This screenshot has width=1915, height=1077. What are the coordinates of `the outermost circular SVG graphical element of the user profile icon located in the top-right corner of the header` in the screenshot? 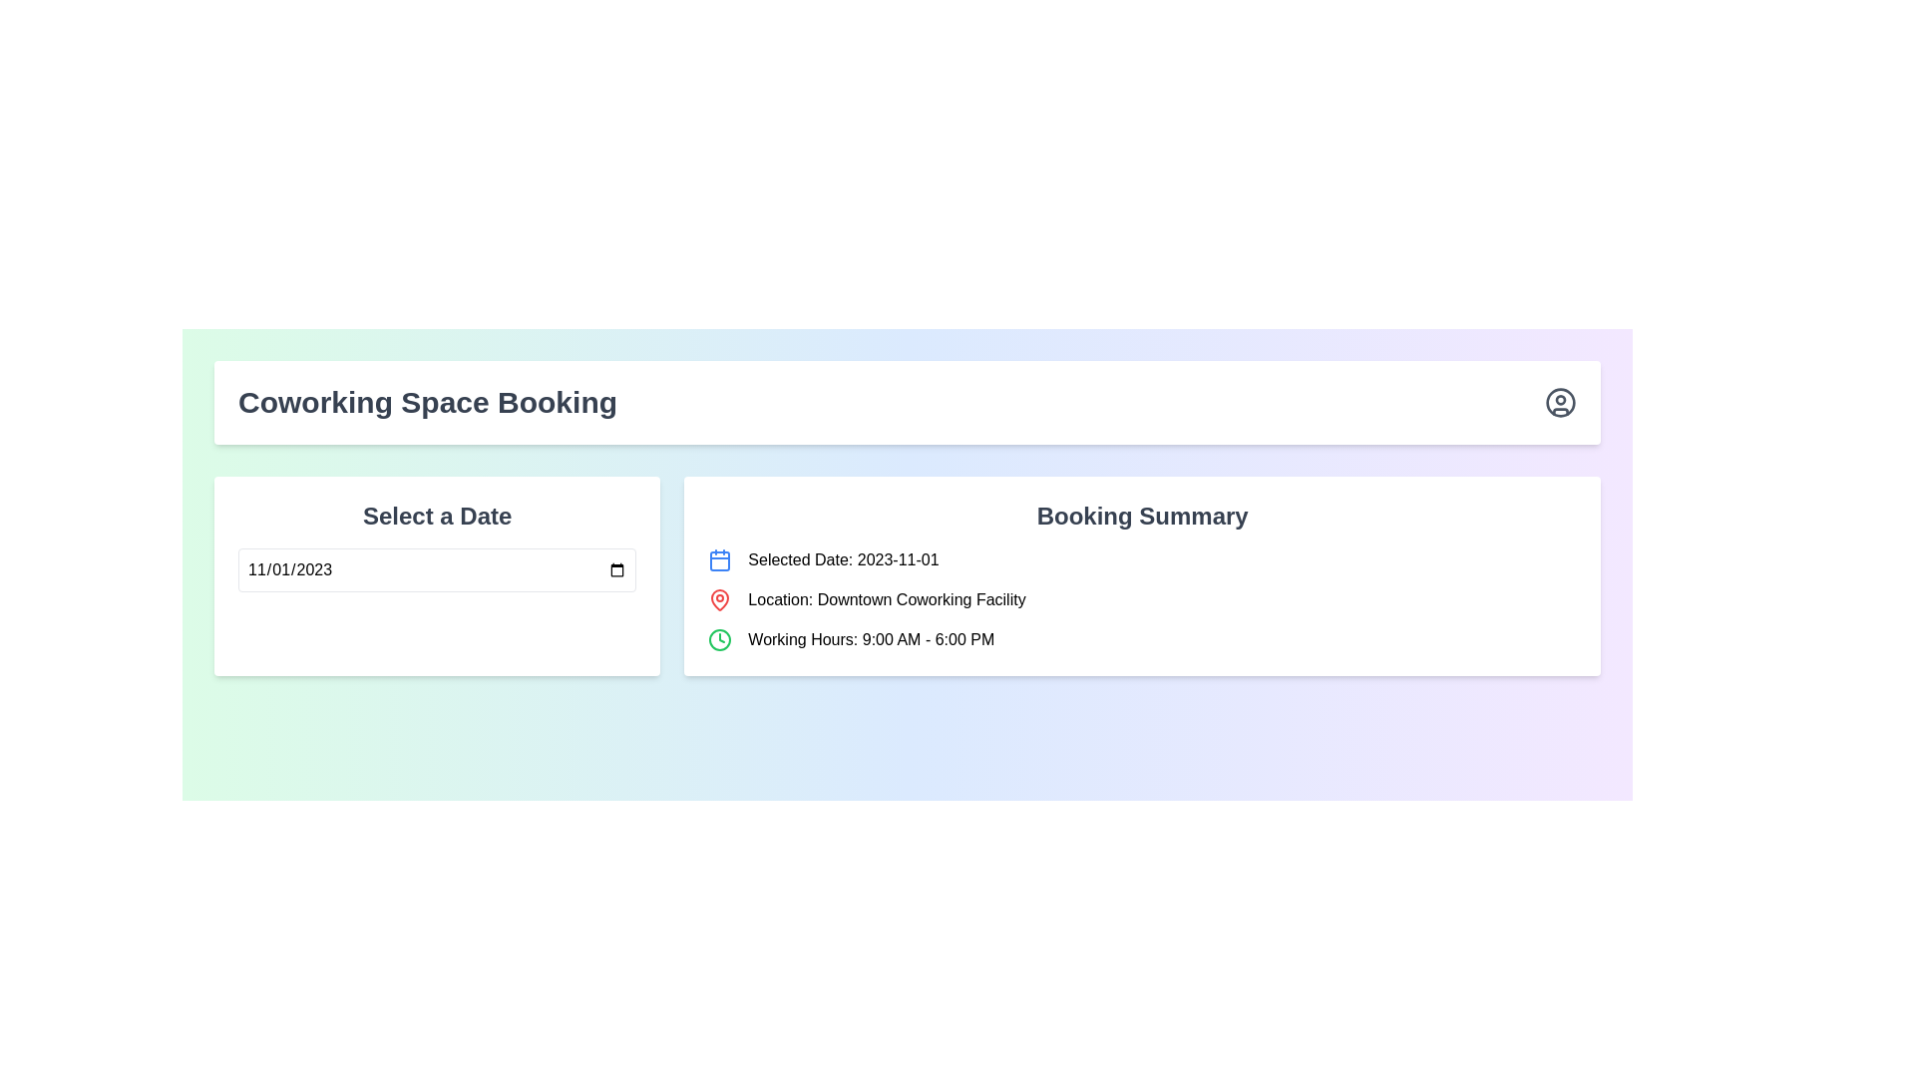 It's located at (1559, 403).